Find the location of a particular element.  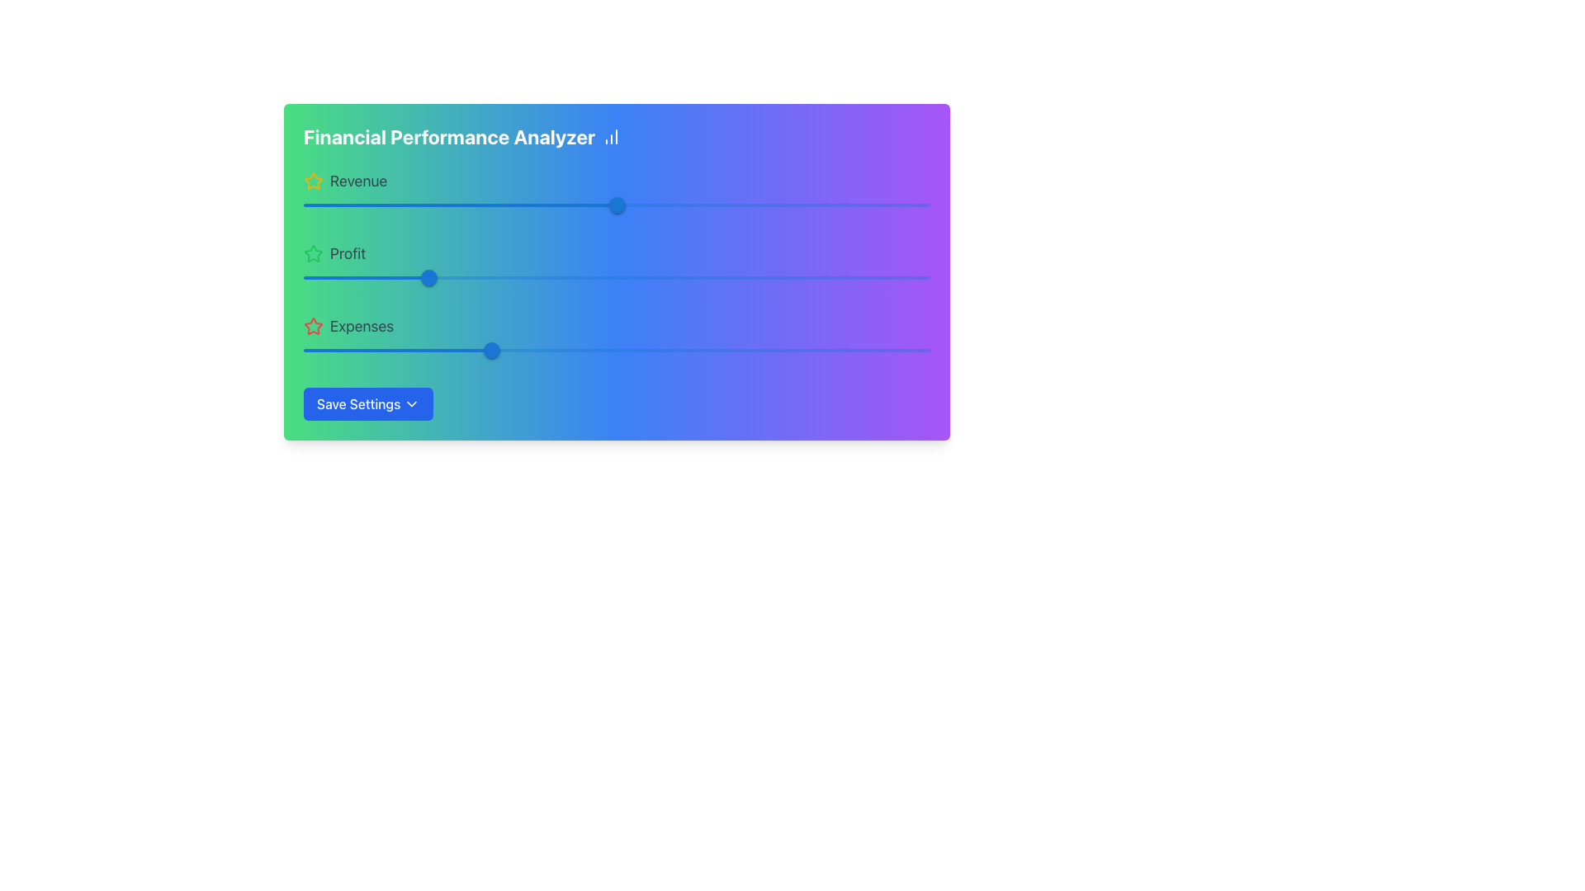

the Expenses slider is located at coordinates (667, 349).